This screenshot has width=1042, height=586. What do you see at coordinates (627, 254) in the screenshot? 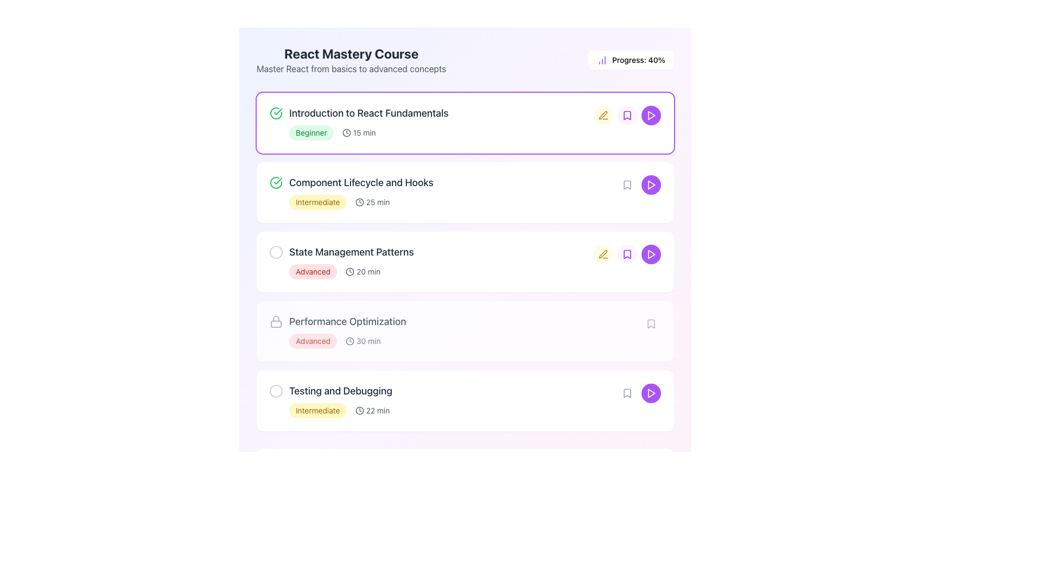
I see `the bookmark icon located to the right of the course title and description in the third entry of the vertical list` at bounding box center [627, 254].